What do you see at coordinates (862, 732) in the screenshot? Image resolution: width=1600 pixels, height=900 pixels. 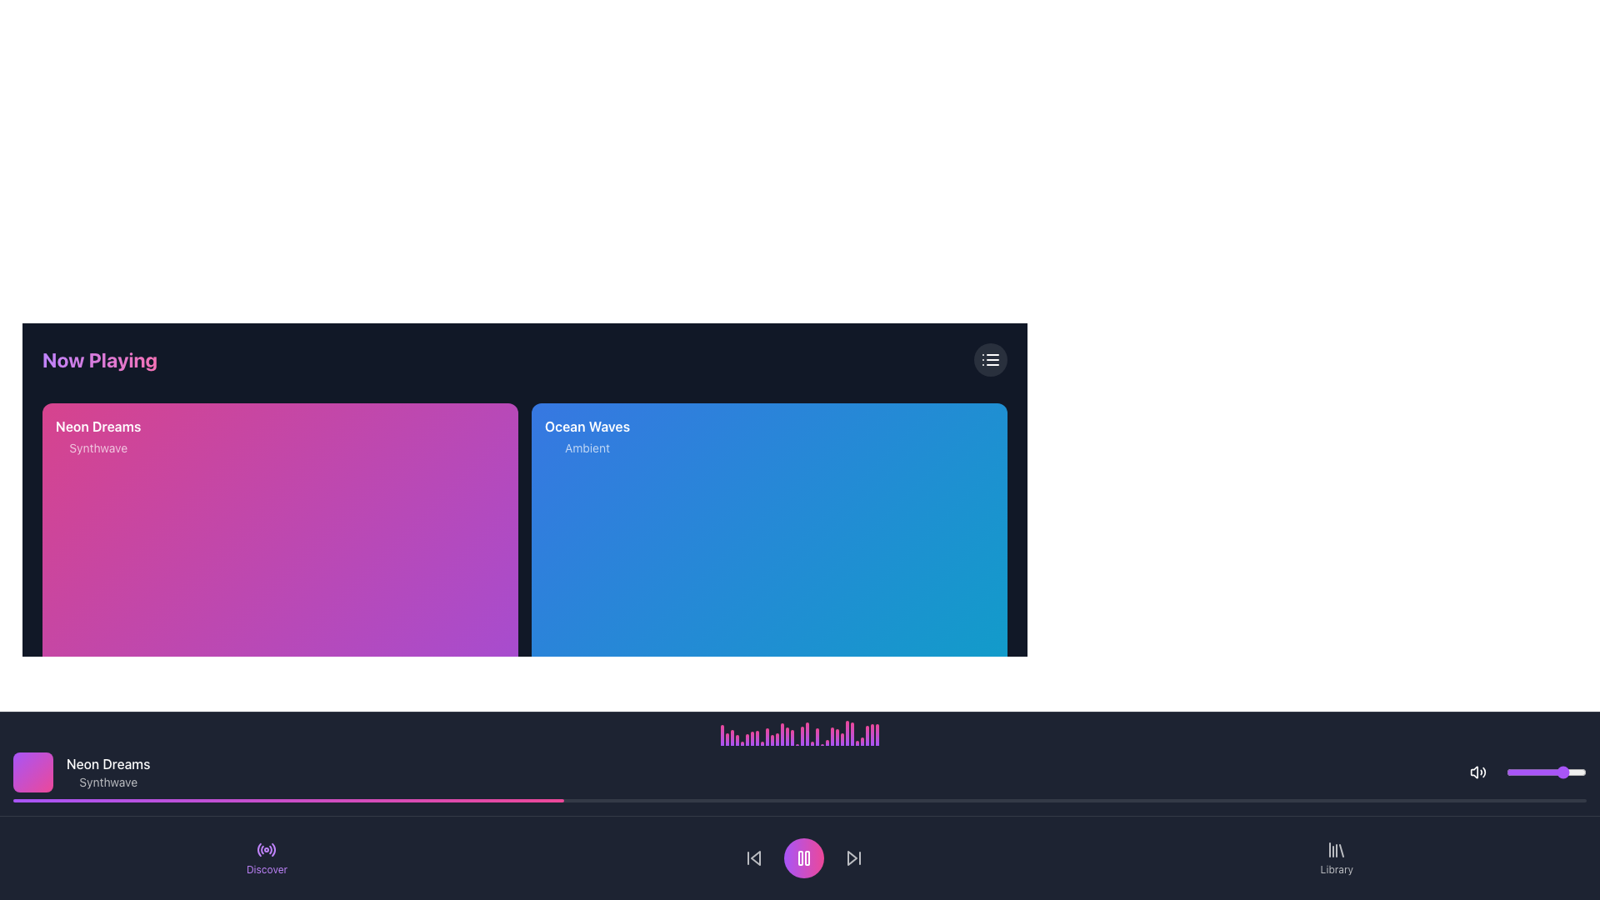 I see `the 28th vertical bar in the visualization component located near the bottom-center of the interface` at bounding box center [862, 732].